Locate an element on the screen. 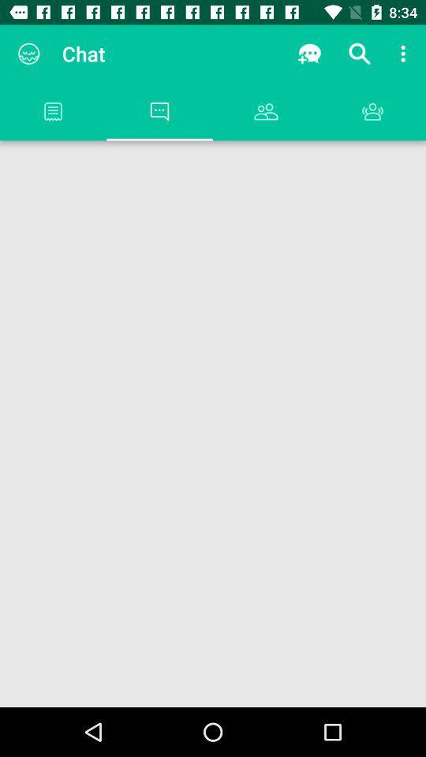  app next to chat is located at coordinates (28, 54).